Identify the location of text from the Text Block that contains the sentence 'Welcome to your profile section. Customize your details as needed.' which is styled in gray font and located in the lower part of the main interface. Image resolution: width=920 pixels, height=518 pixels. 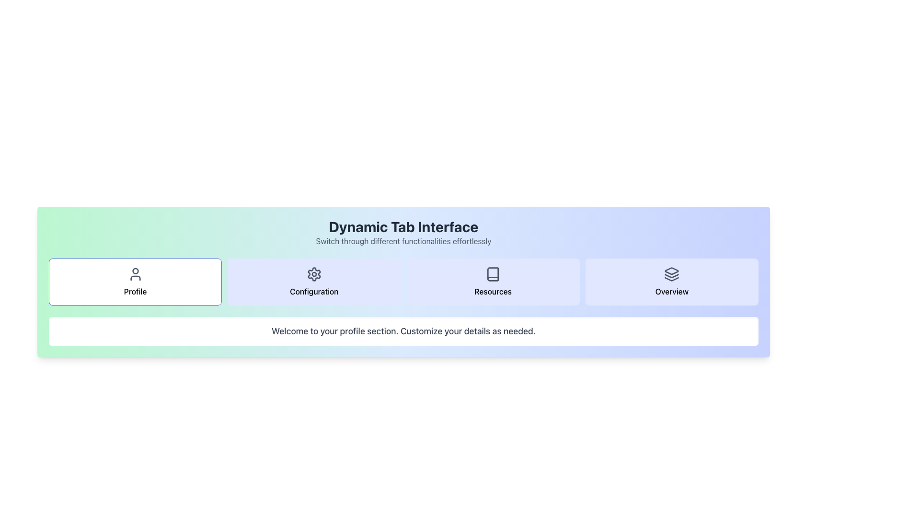
(403, 330).